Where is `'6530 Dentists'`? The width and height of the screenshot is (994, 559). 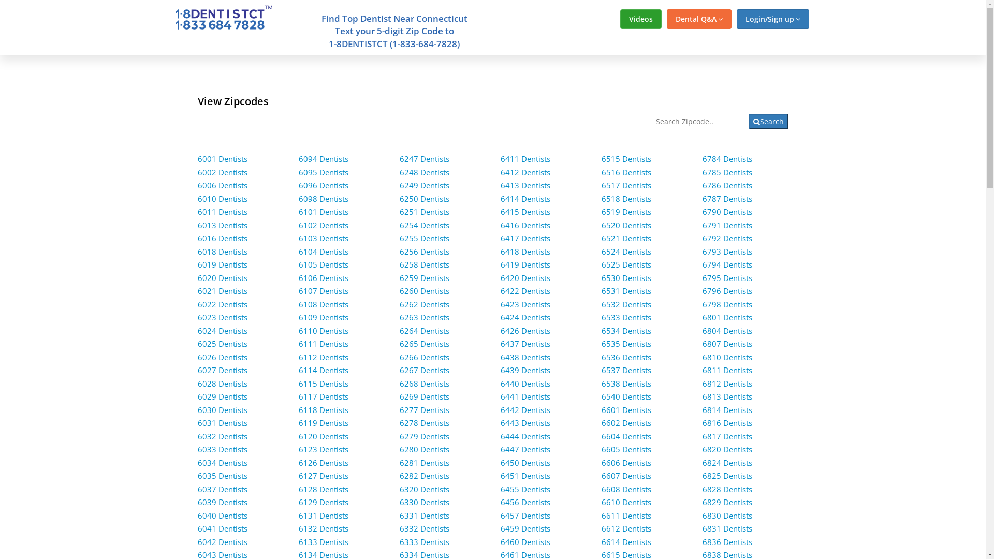
'6530 Dentists' is located at coordinates (625, 277).